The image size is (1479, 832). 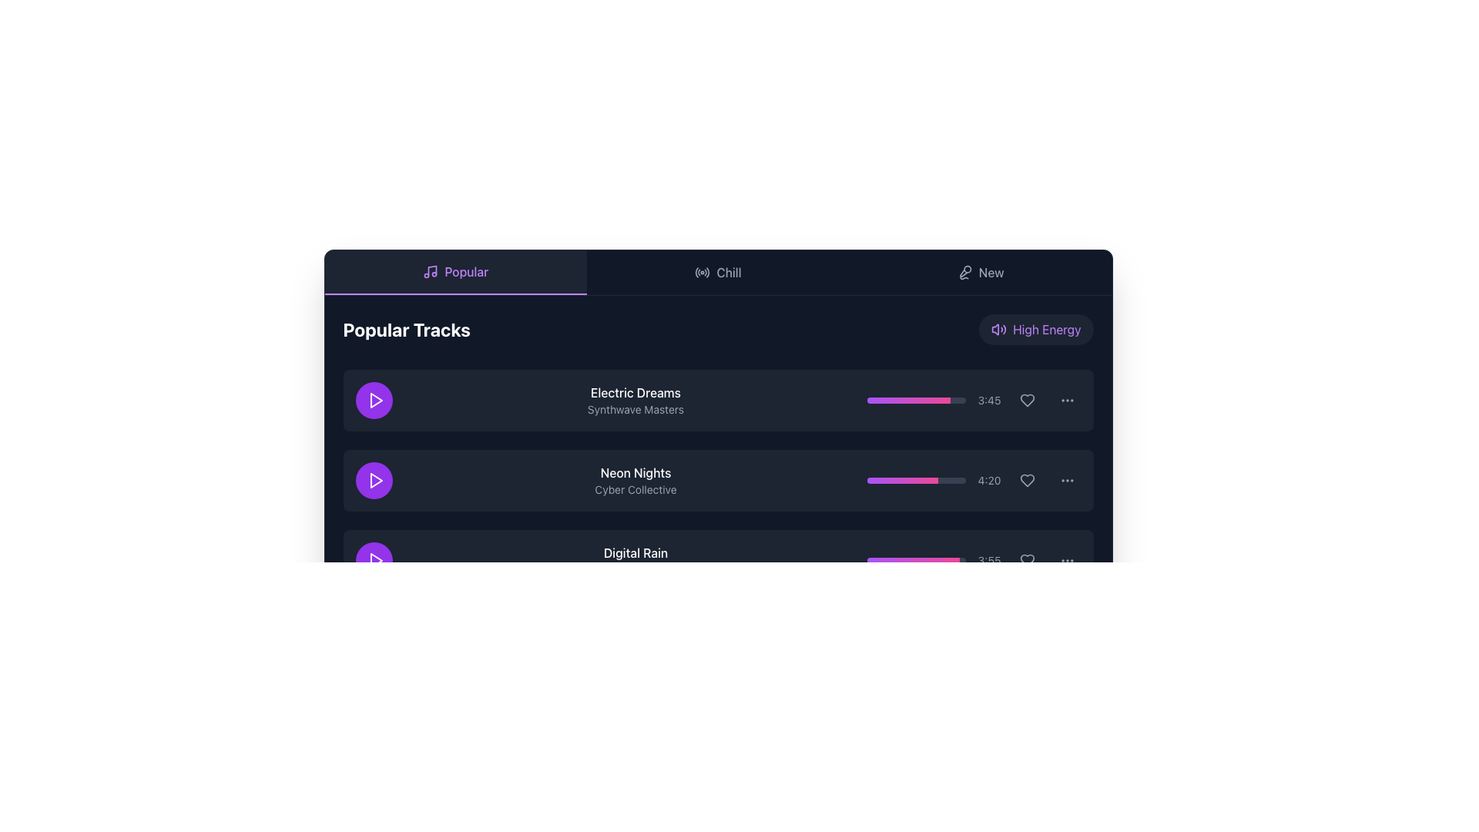 I want to click on the options menu activator button located to the far right of the row for the 'Neon Nights' track, so click(x=1066, y=480).